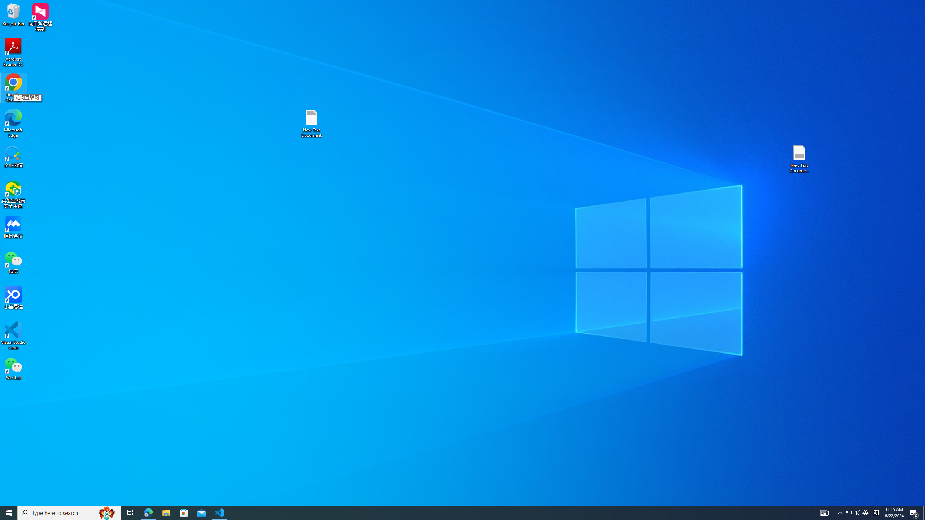 The width and height of the screenshot is (925, 520). I want to click on 'AutomationID: 4105', so click(823, 512).